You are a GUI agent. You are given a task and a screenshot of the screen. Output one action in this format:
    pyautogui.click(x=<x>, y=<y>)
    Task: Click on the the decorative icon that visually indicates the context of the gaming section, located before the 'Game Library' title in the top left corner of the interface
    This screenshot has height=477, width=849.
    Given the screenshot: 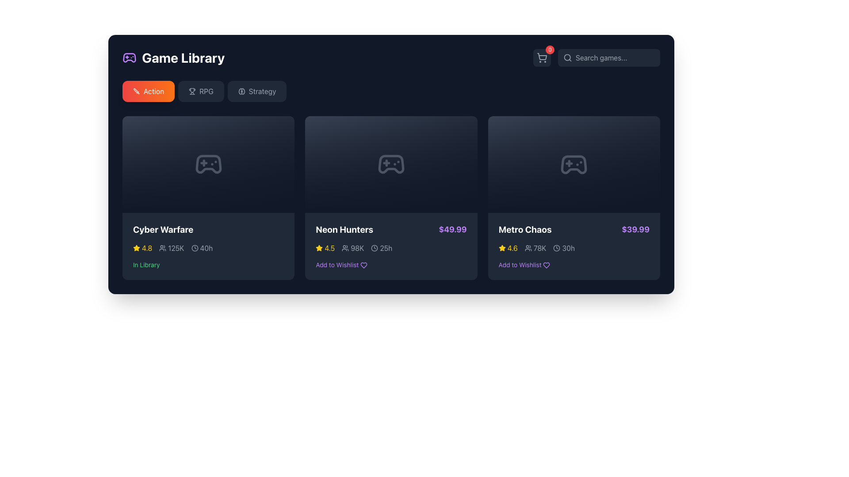 What is the action you would take?
    pyautogui.click(x=129, y=57)
    